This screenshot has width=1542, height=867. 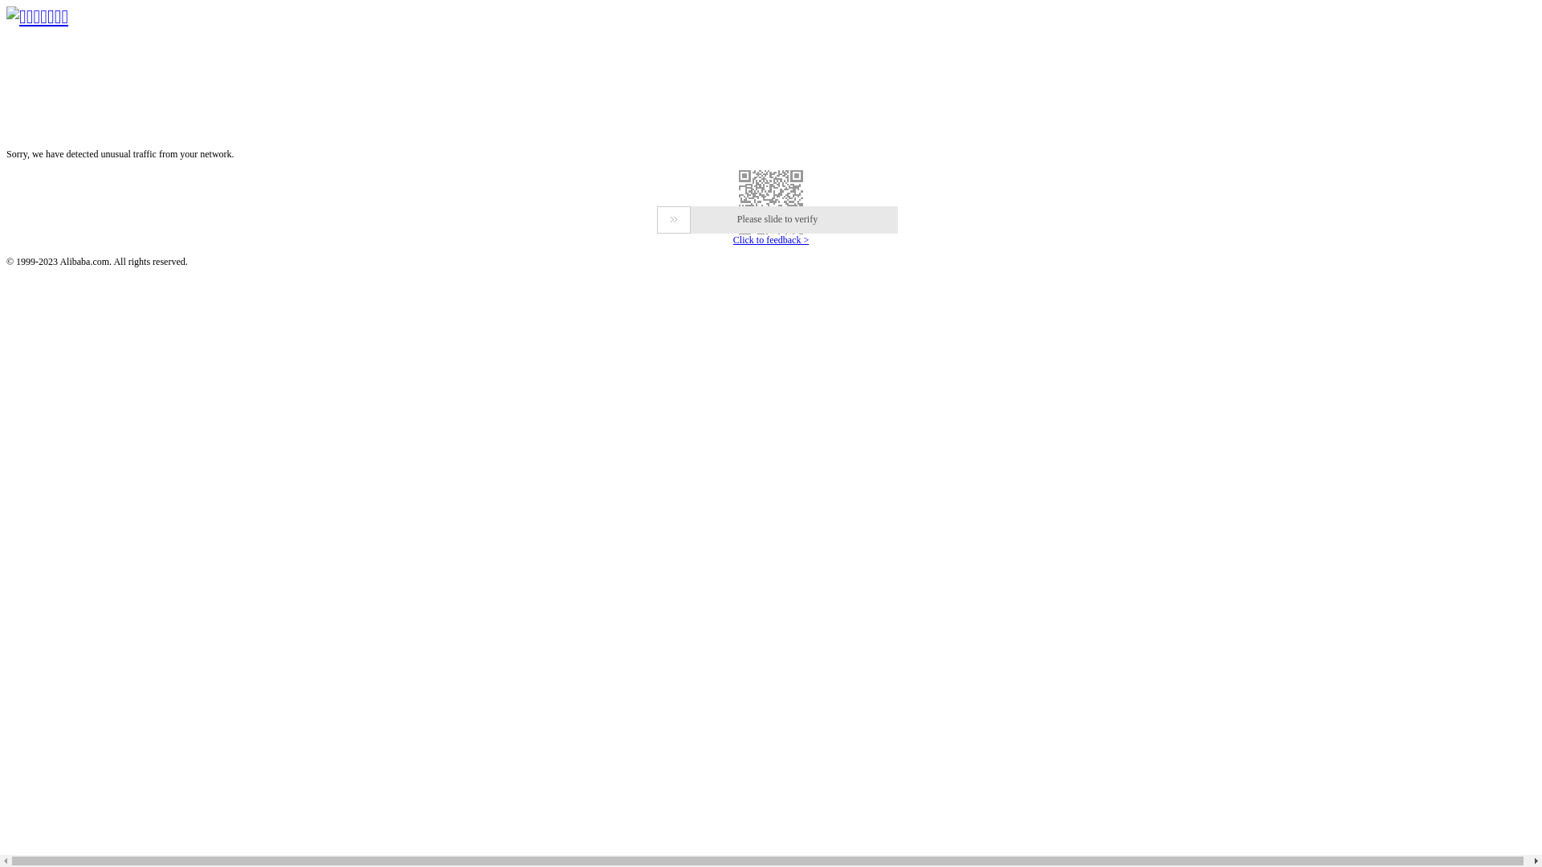 I want to click on 'pOAI0u5aT211PITnAMyVXA|ZWIazA|gqtLDQ_0', so click(x=6, y=201).